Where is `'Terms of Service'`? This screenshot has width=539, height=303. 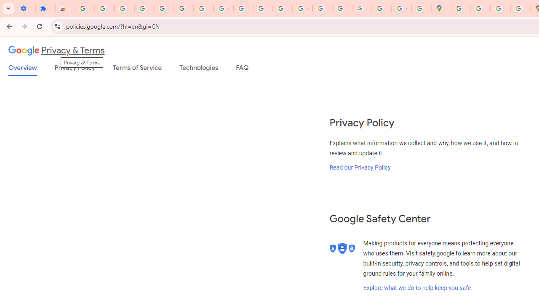 'Terms of Service' is located at coordinates (137, 69).